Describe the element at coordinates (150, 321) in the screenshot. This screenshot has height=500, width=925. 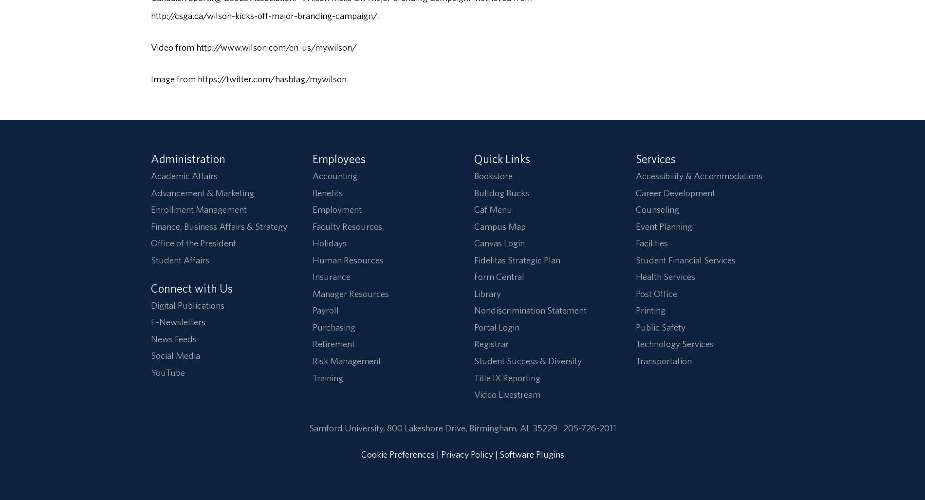
I see `'E-Newsletters'` at that location.